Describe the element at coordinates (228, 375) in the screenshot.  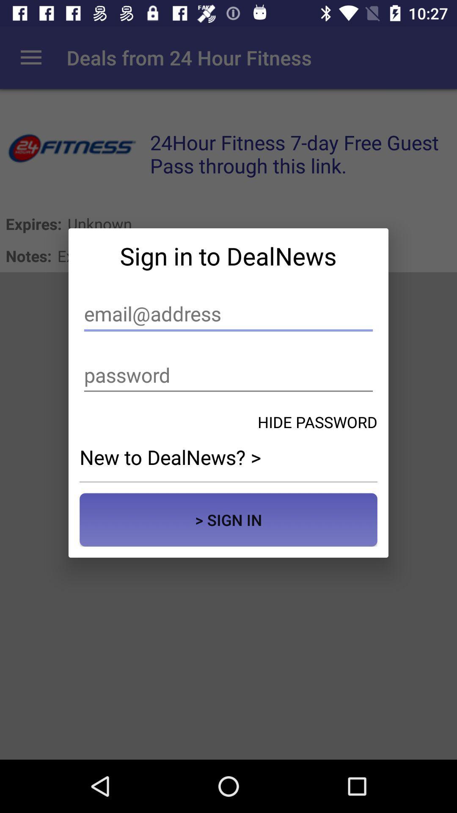
I see `type in login password` at that location.